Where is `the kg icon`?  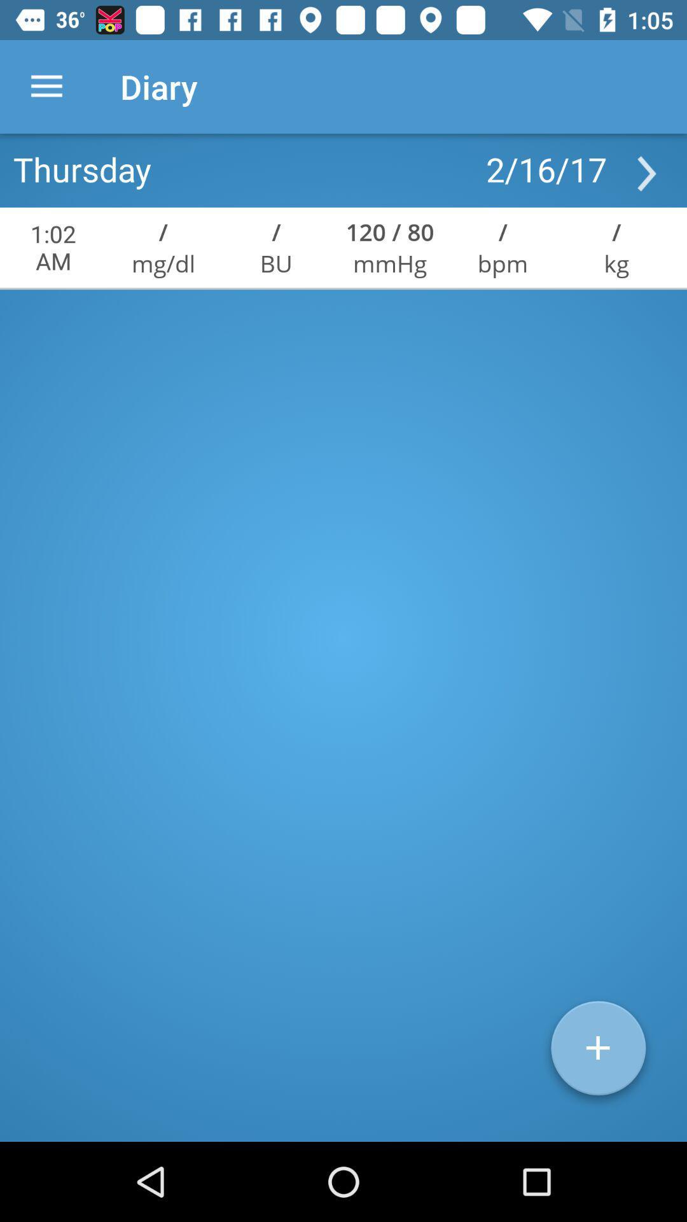 the kg icon is located at coordinates (616, 262).